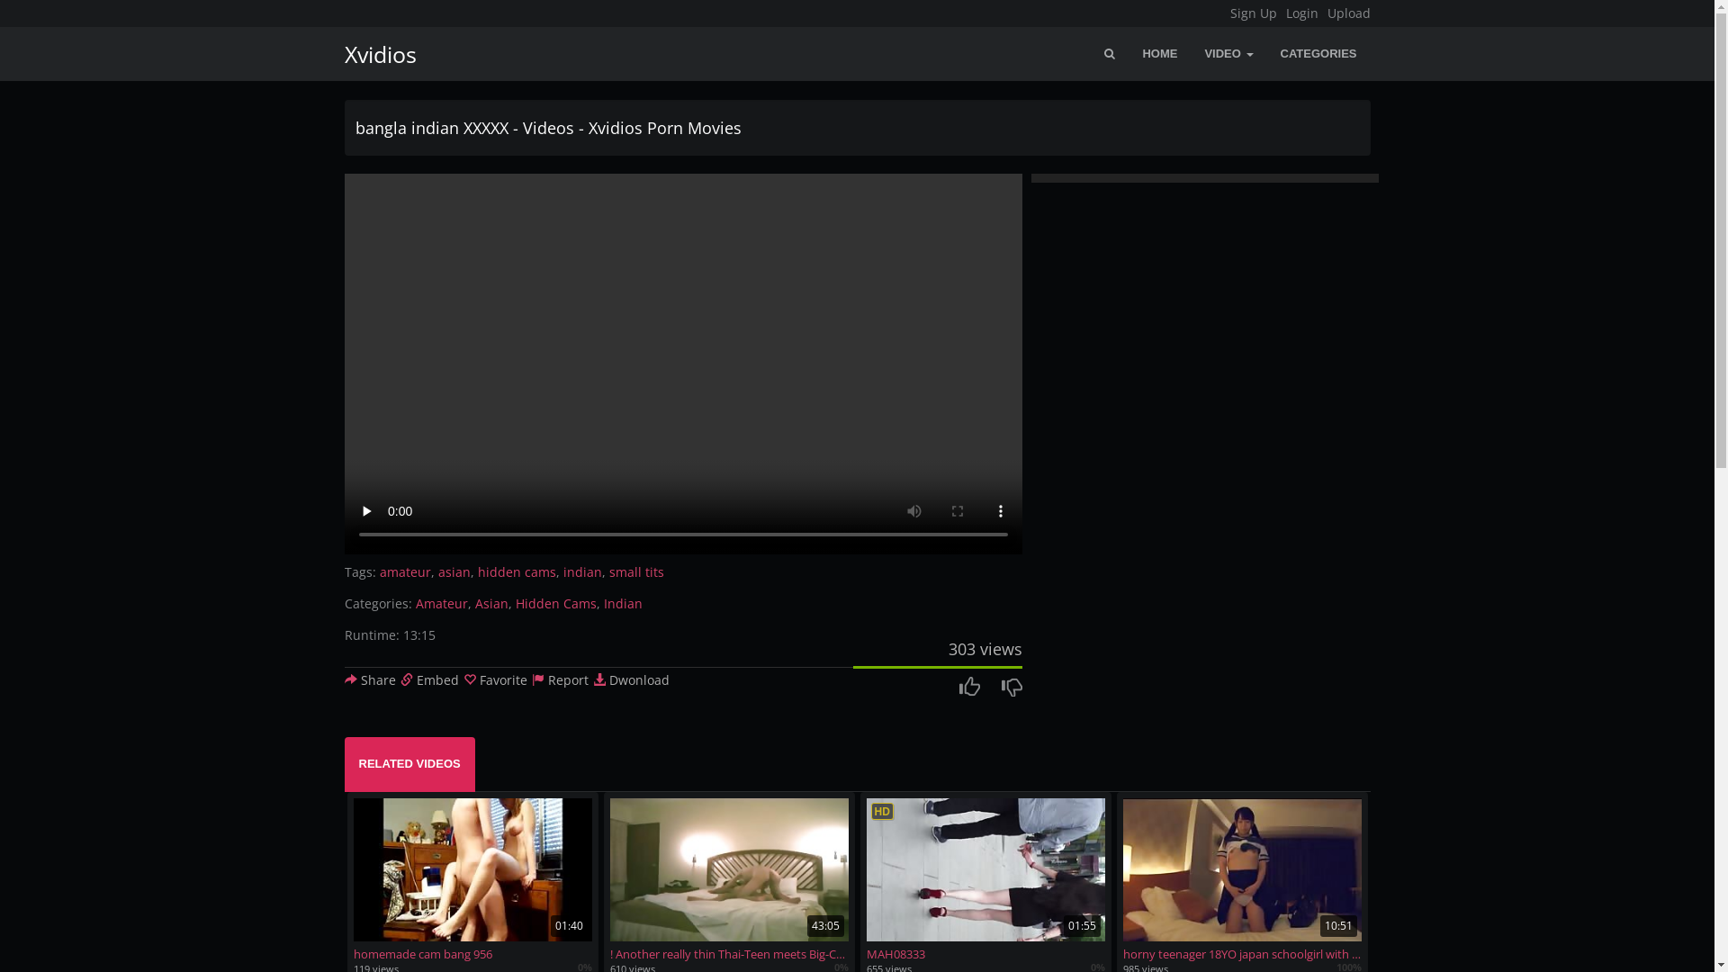 The image size is (1728, 972). What do you see at coordinates (635, 571) in the screenshot?
I see `'small tits'` at bounding box center [635, 571].